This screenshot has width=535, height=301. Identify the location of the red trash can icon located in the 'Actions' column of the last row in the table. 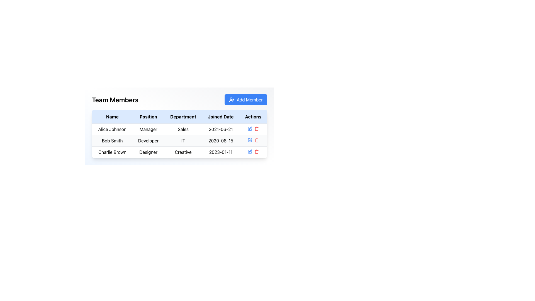
(256, 151).